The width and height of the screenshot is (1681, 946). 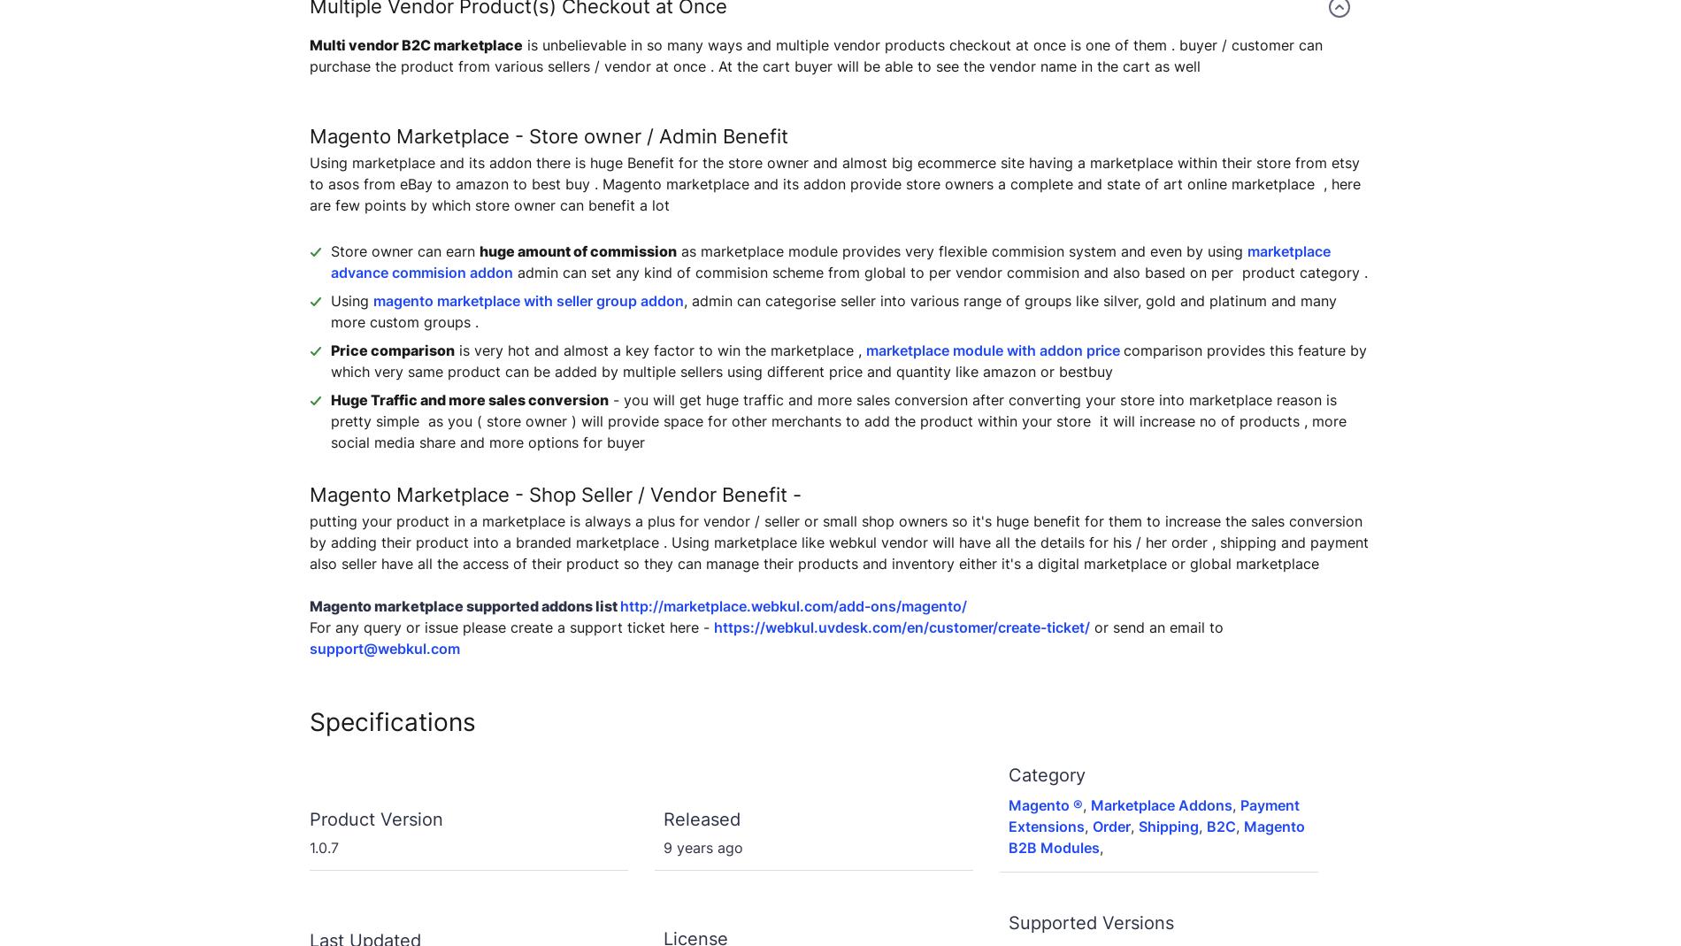 What do you see at coordinates (792, 605) in the screenshot?
I see `'http://marketplace.webkul.com/add-ons/magento/'` at bounding box center [792, 605].